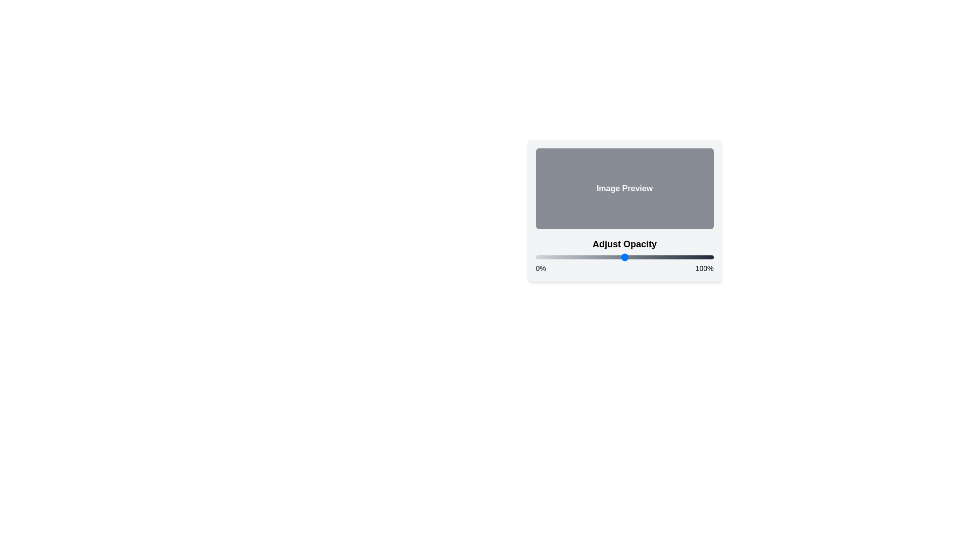 The width and height of the screenshot is (970, 545). What do you see at coordinates (624, 254) in the screenshot?
I see `the slider handle located in the 'Adjust Opacity' section` at bounding box center [624, 254].